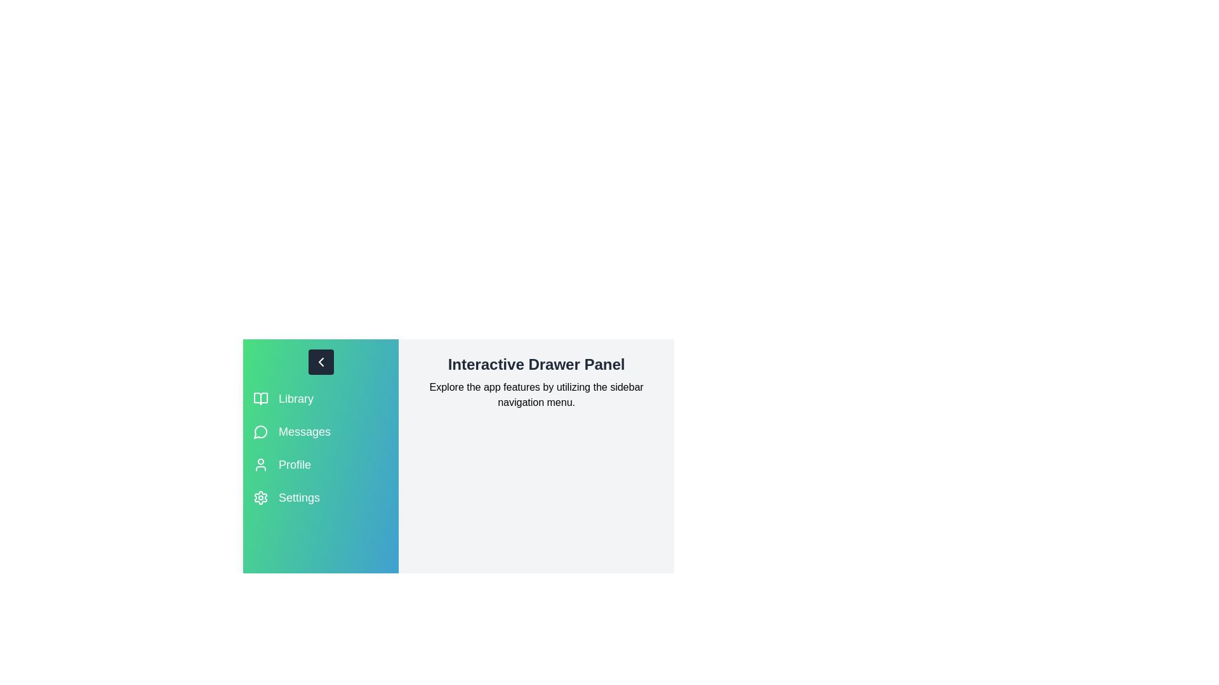  Describe the element at coordinates (320, 431) in the screenshot. I see `the Messages section in the sidebar` at that location.